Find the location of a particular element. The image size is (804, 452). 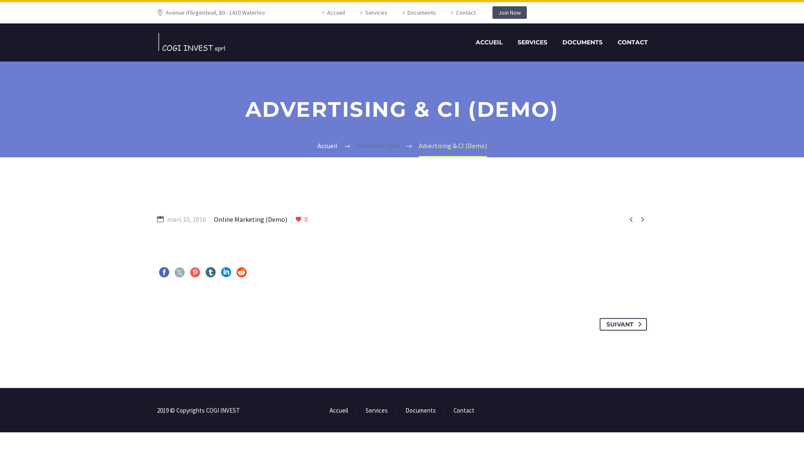

'Reddit' is located at coordinates (236, 272).